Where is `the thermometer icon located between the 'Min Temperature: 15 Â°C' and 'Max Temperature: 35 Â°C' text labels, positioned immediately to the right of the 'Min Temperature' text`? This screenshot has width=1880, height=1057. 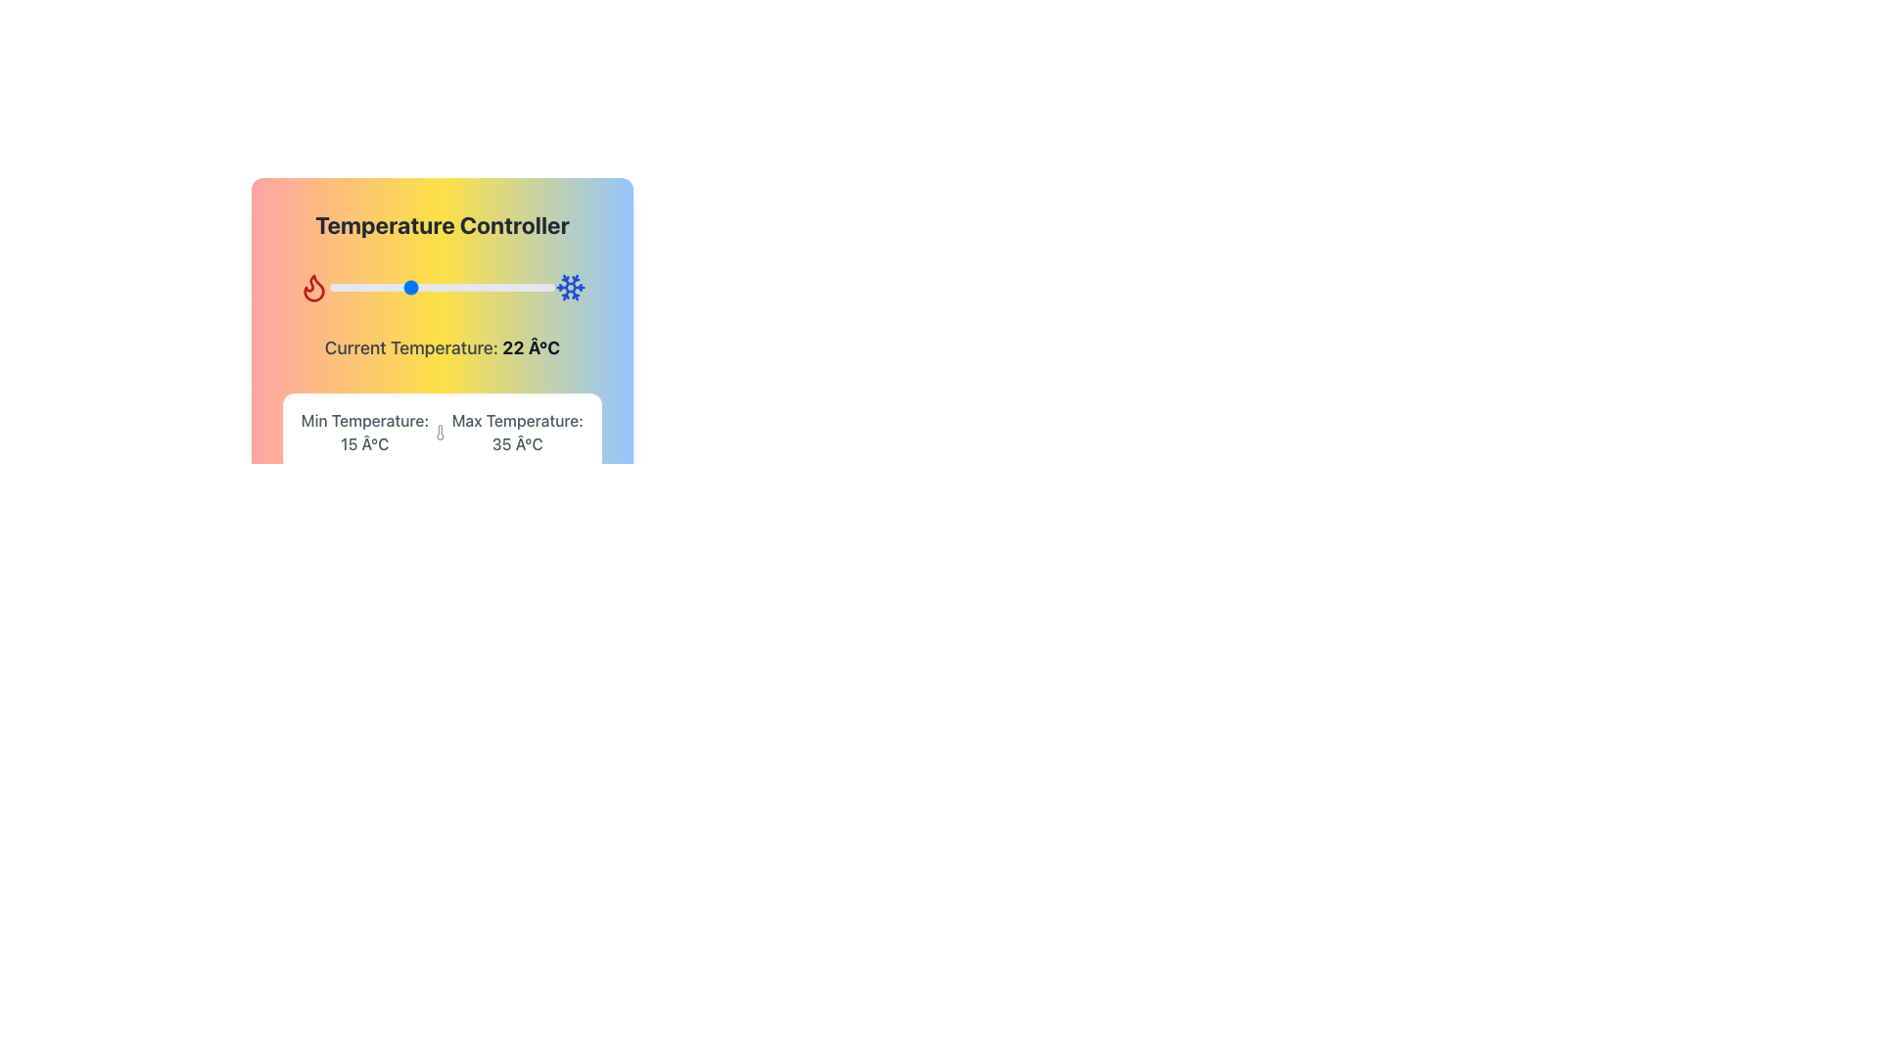 the thermometer icon located between the 'Min Temperature: 15 Â°C' and 'Max Temperature: 35 Â°C' text labels, positioned immediately to the right of the 'Min Temperature' text is located at coordinates (439, 432).